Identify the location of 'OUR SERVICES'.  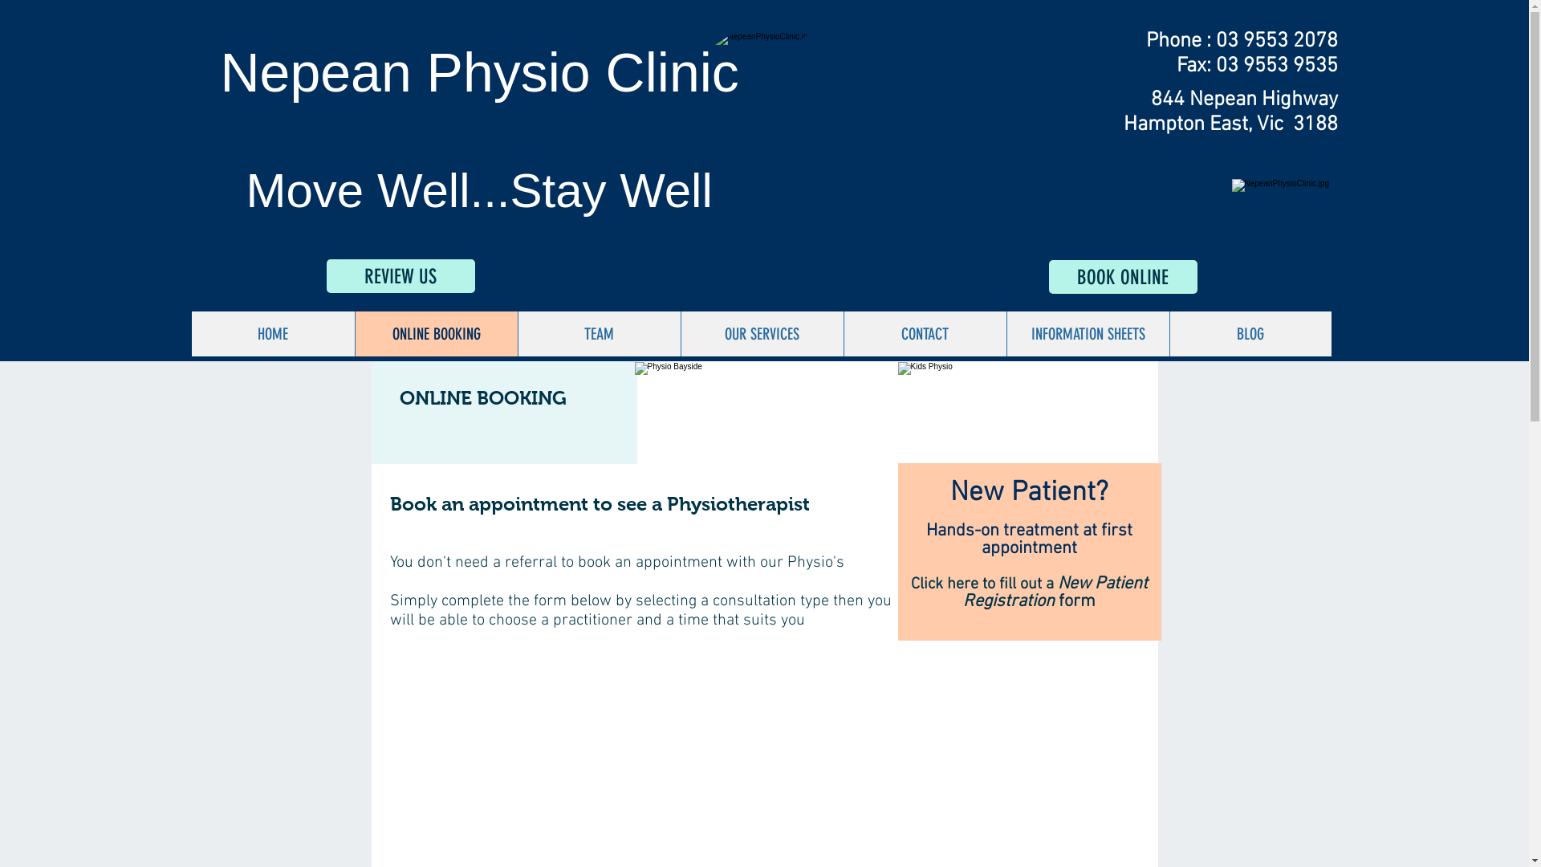
(681, 333).